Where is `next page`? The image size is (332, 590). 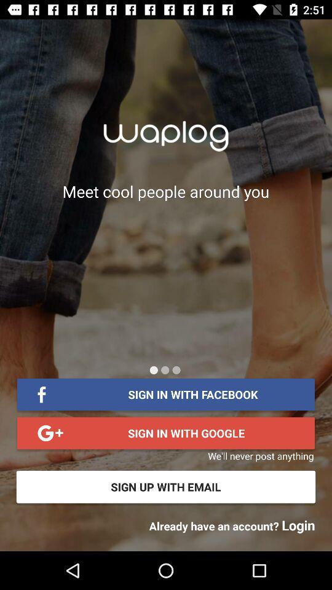
next page is located at coordinates (165, 369).